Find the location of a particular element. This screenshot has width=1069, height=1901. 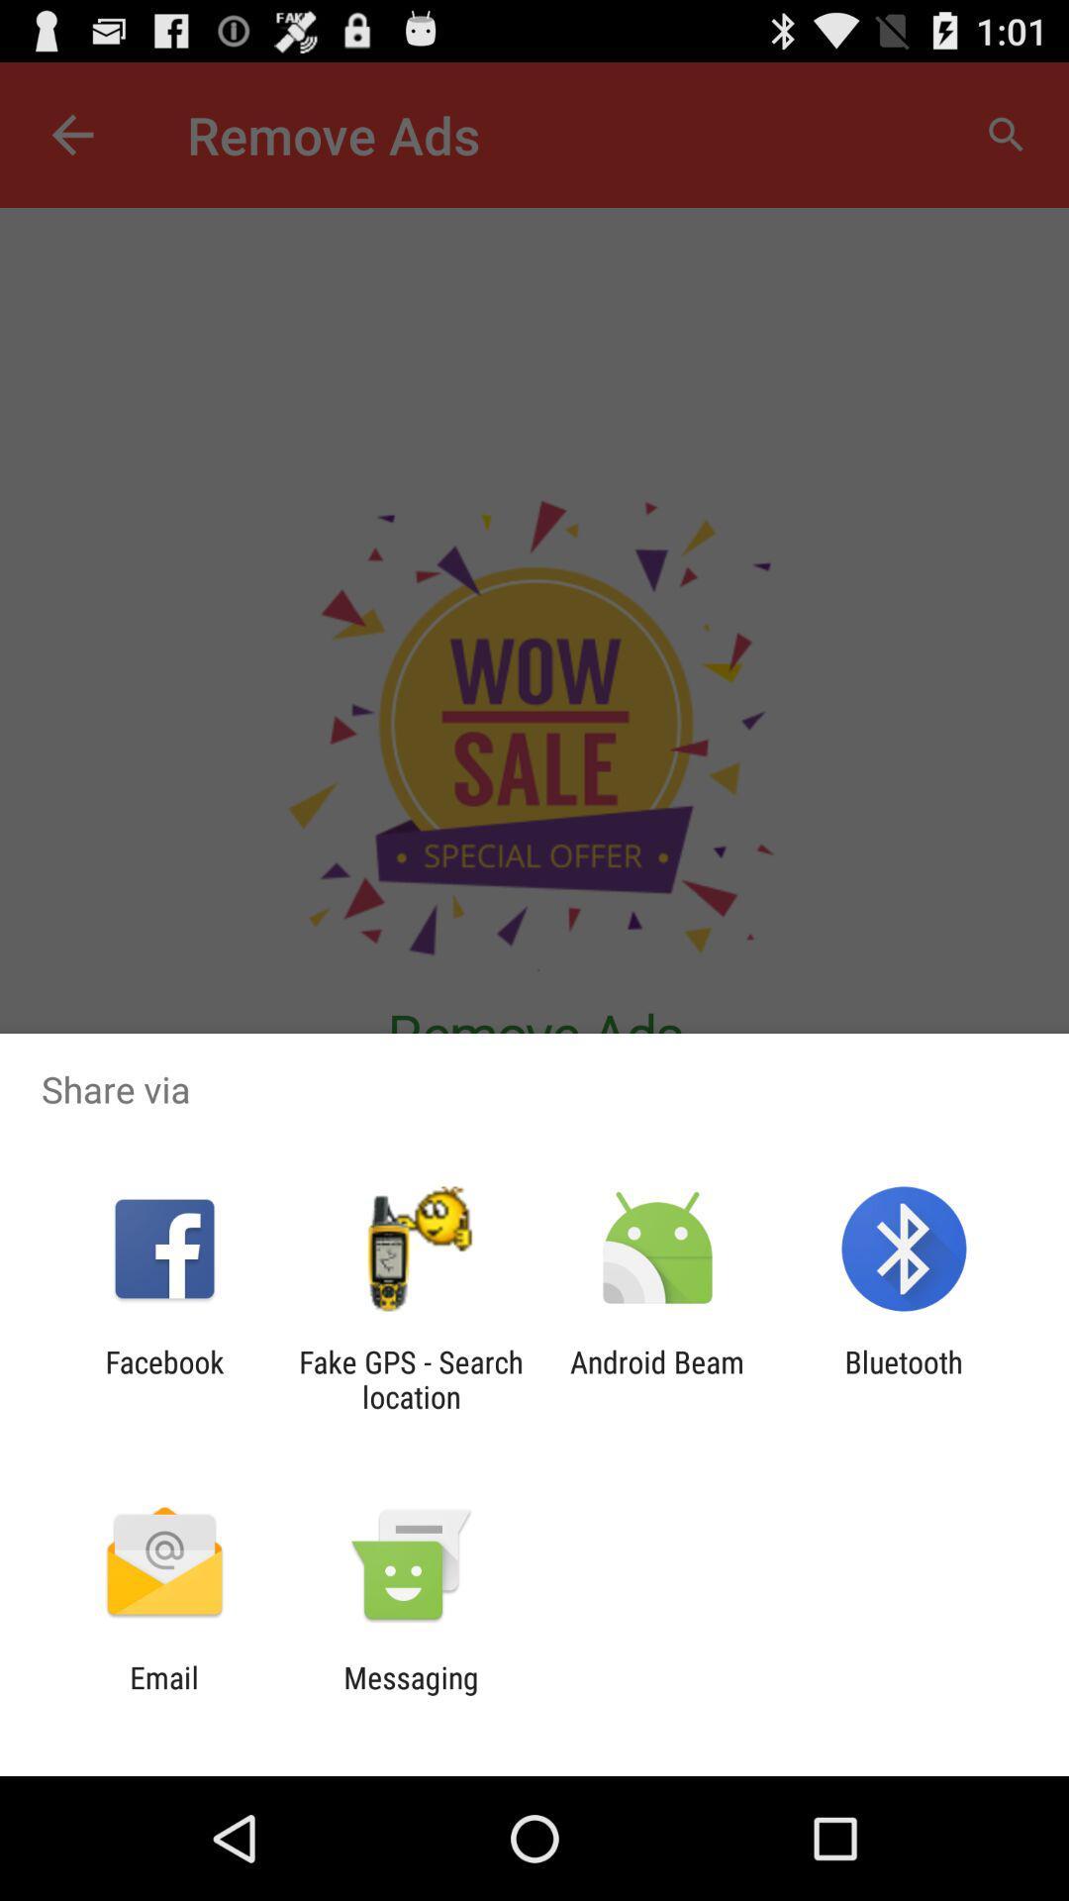

the item to the left of messaging app is located at coordinates (163, 1694).